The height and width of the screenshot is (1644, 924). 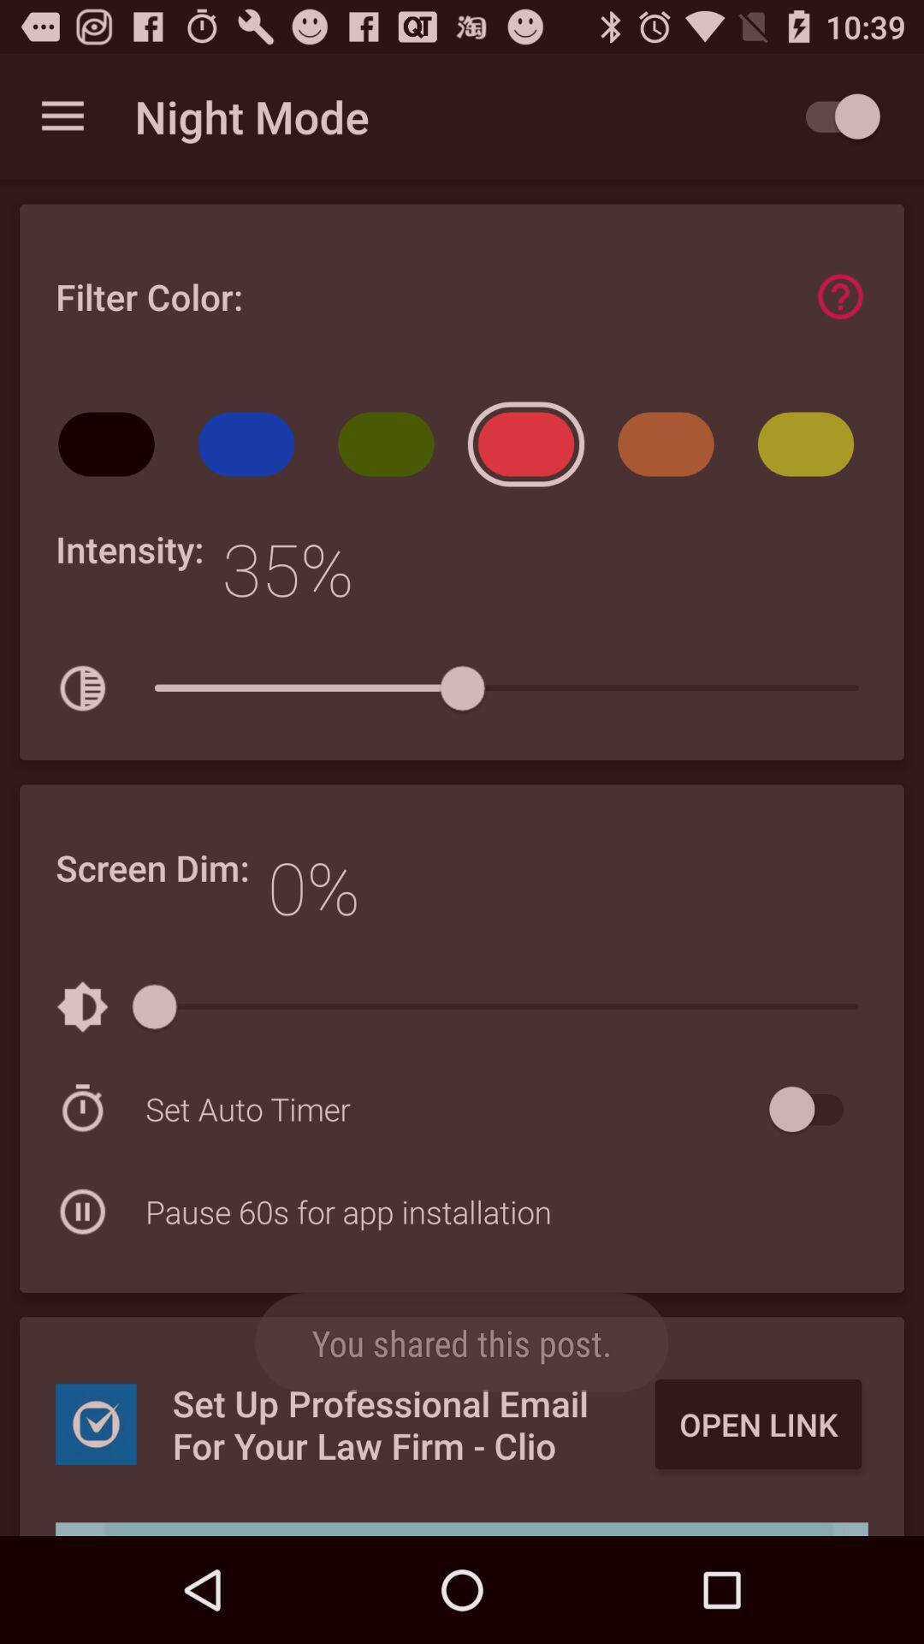 What do you see at coordinates (814, 1109) in the screenshot?
I see `turn on auto toner` at bounding box center [814, 1109].